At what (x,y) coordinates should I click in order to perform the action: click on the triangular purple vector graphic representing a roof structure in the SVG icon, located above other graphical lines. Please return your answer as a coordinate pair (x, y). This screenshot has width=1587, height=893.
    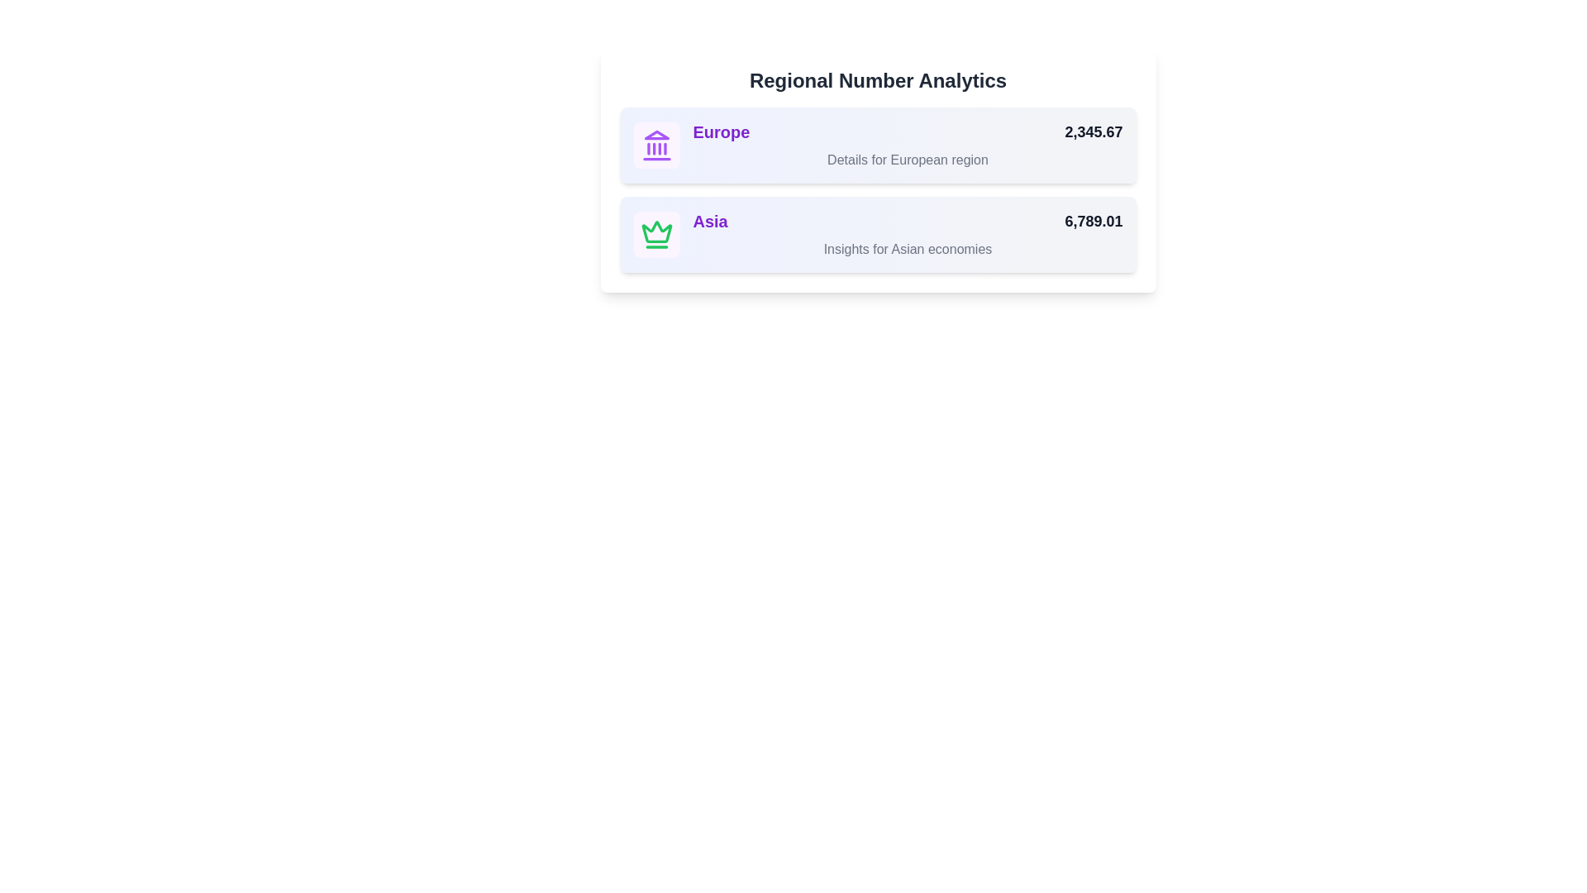
    Looking at the image, I should click on (655, 134).